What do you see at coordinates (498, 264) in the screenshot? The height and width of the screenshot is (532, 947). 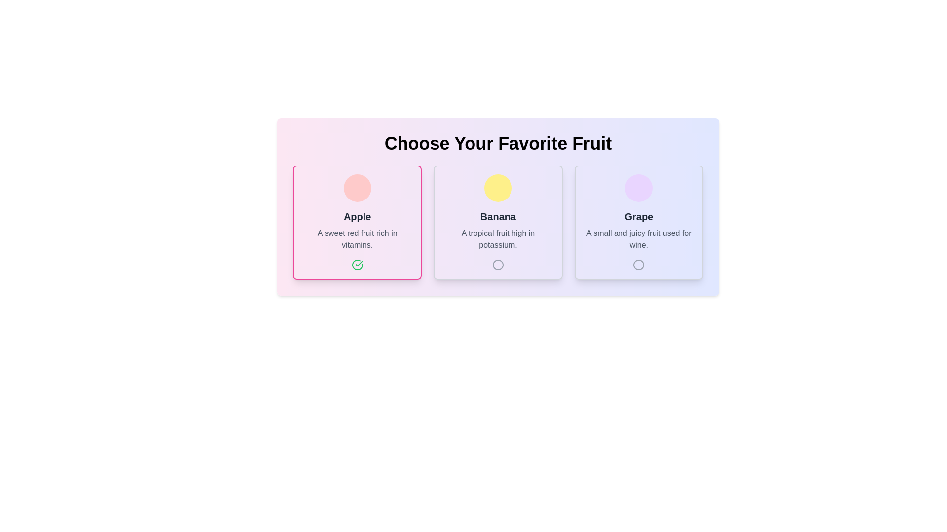 I see `the circular icon located at the bottom of the 'Banana' card` at bounding box center [498, 264].